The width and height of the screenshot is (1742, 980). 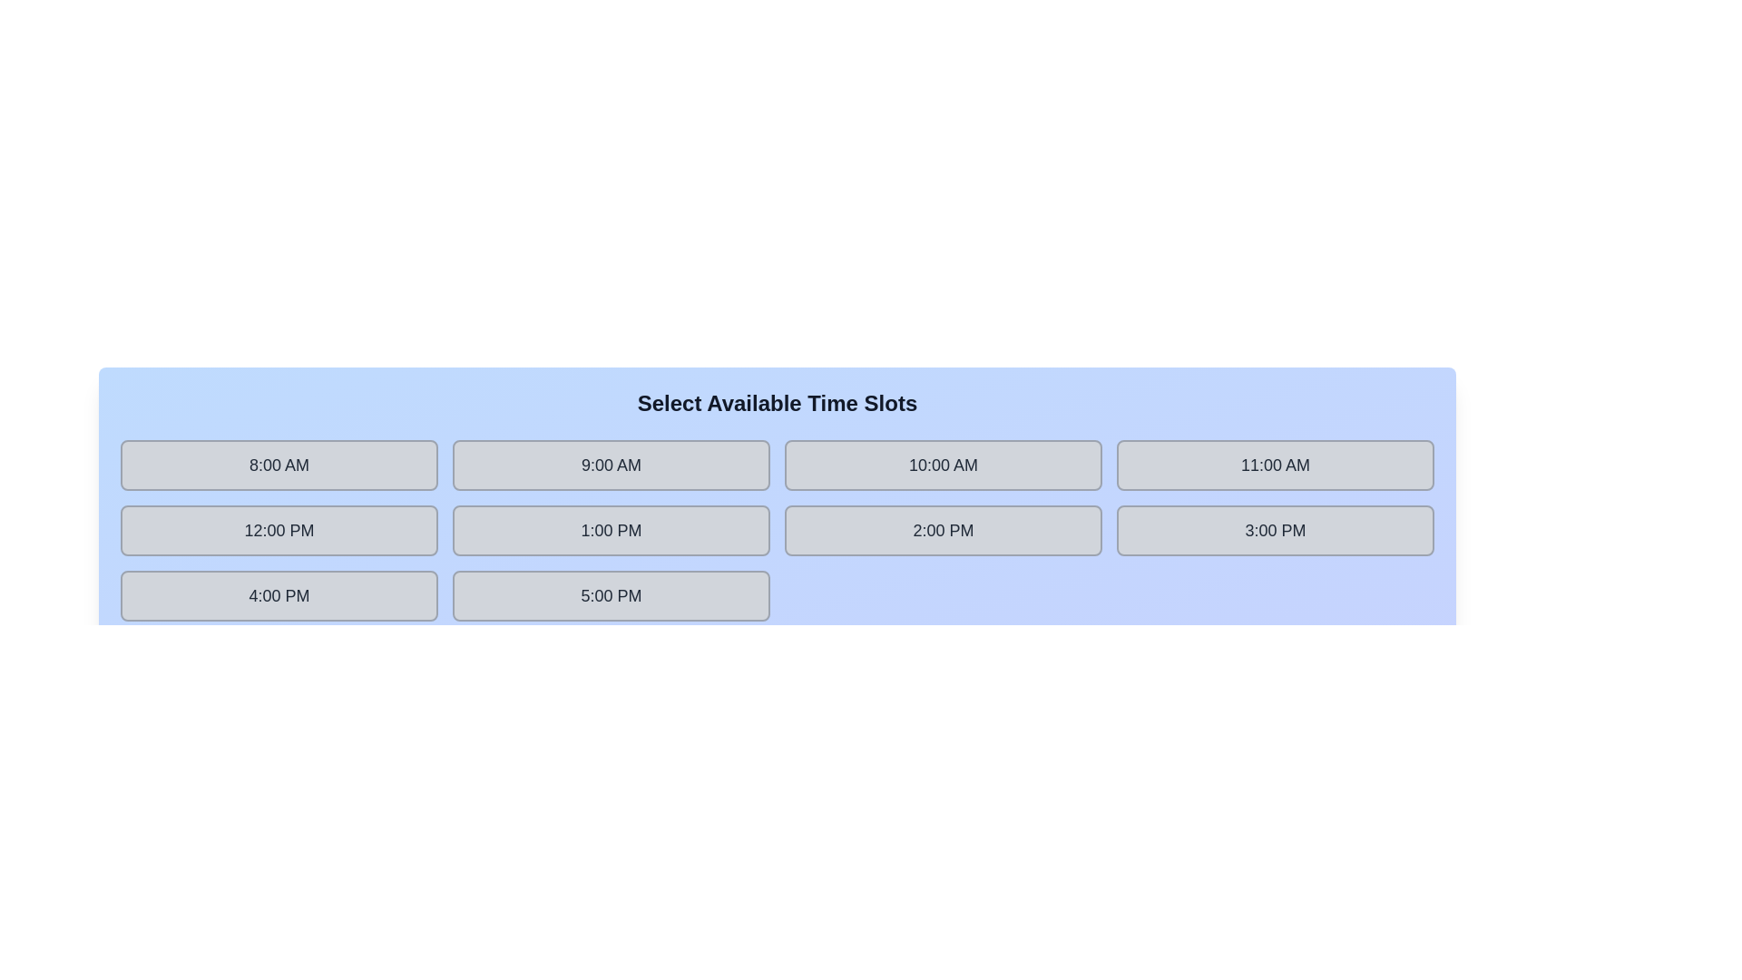 What do you see at coordinates (944, 531) in the screenshot?
I see `the time slot labeled 2:00 PM` at bounding box center [944, 531].